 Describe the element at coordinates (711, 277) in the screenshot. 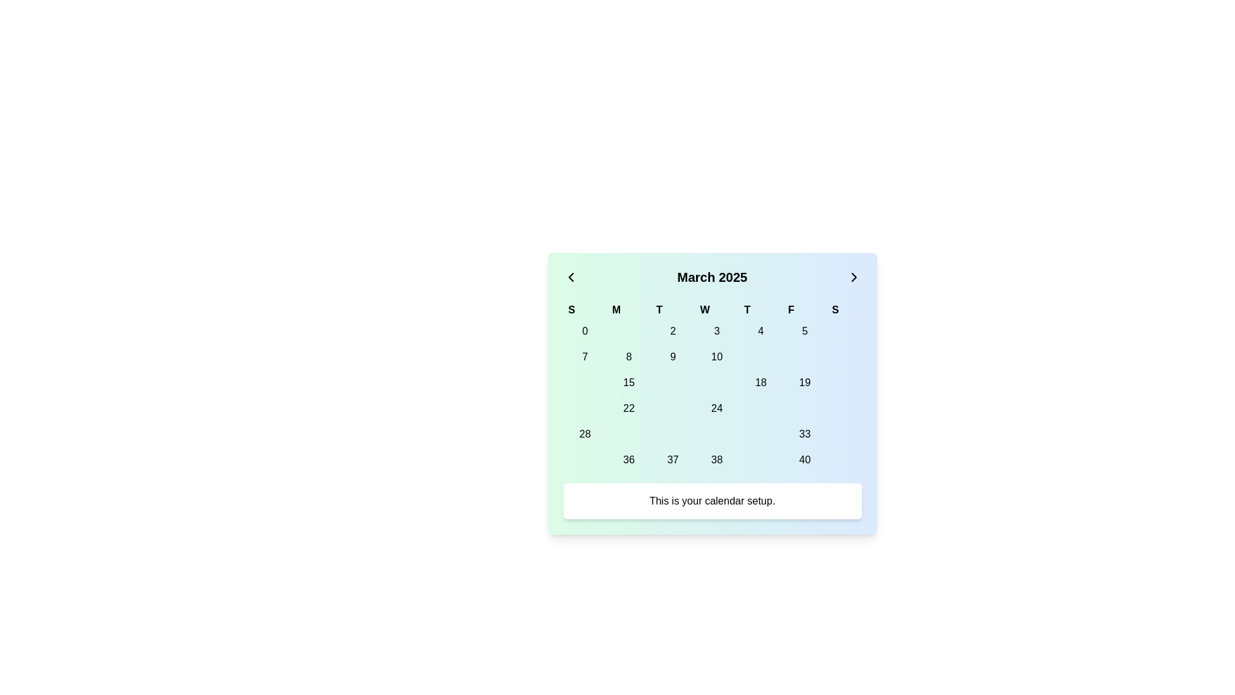

I see `text from the calendar title label which indicates the currently displayed month and year, centrally located in the calendar component's header` at that location.